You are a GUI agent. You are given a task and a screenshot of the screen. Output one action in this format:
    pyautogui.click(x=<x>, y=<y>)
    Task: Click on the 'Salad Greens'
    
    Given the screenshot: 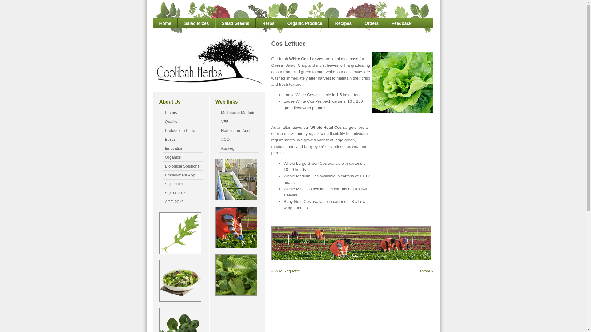 What is the action you would take?
    pyautogui.click(x=235, y=23)
    